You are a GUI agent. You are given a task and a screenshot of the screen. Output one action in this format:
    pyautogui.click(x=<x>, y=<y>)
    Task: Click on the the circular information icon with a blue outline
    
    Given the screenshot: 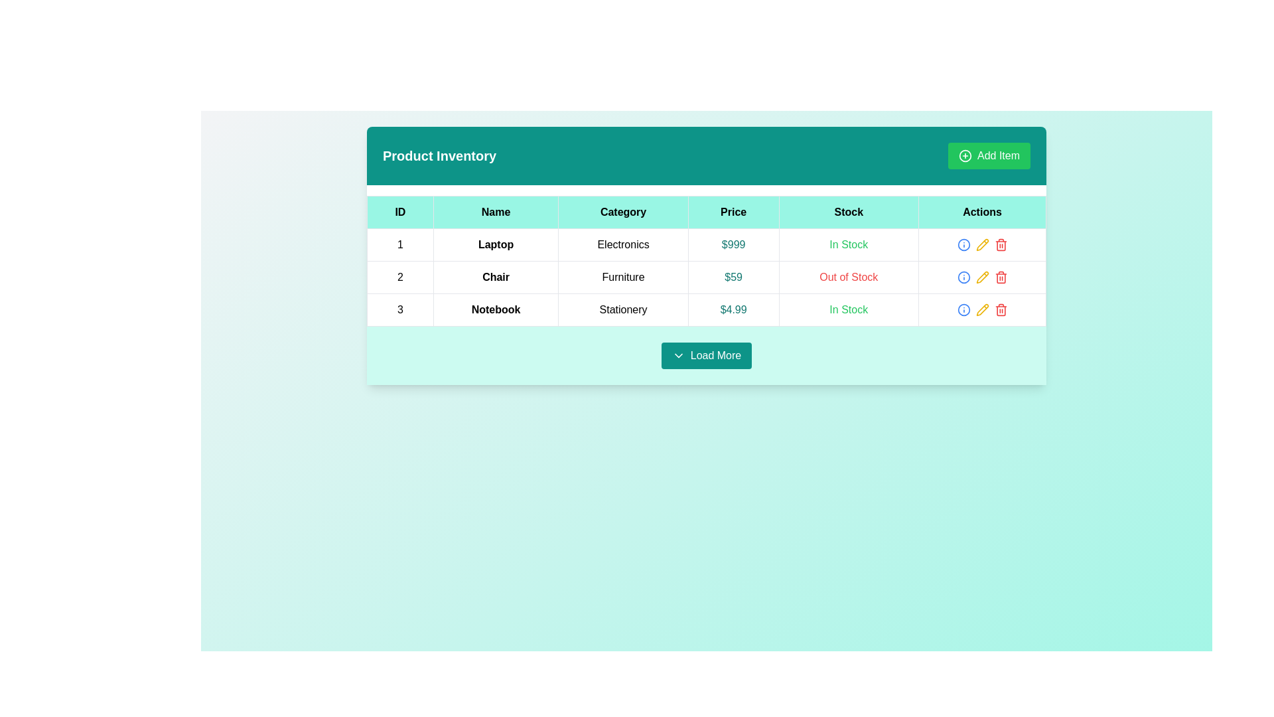 What is the action you would take?
    pyautogui.click(x=963, y=245)
    